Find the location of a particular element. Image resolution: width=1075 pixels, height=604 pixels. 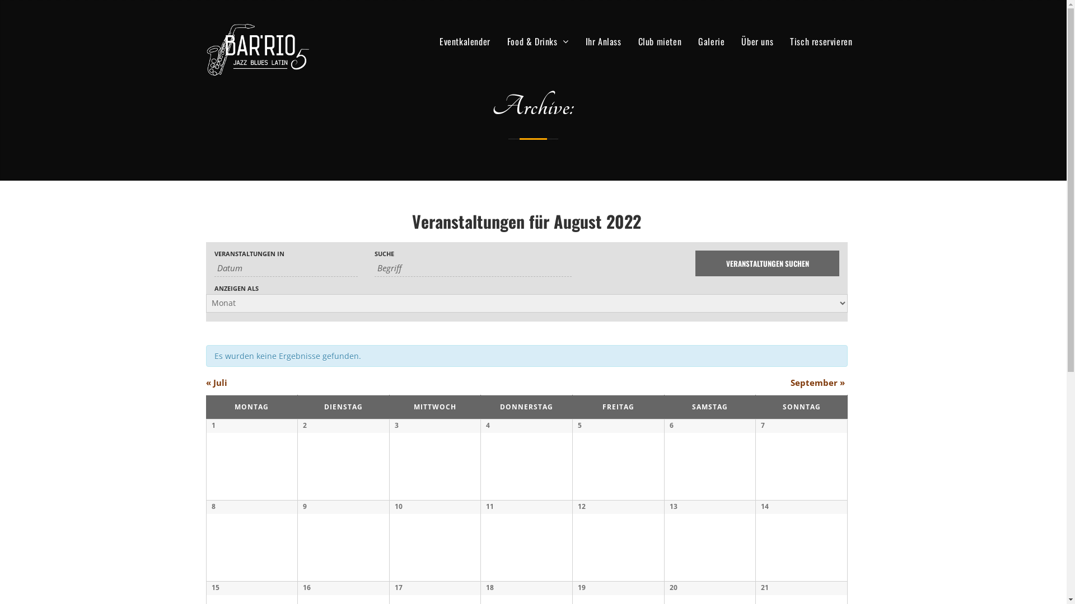

'Tisch reservieren' is located at coordinates (784, 40).